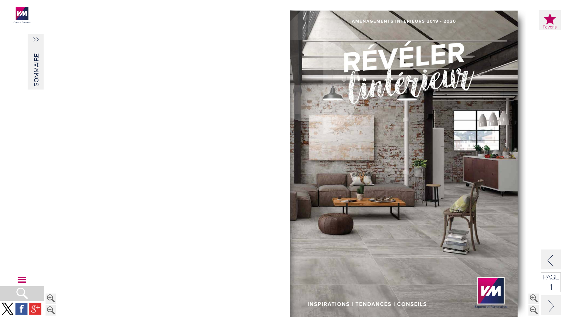 The height and width of the screenshot is (317, 564). I want to click on 'Partager sur Twitter', so click(1, 308).